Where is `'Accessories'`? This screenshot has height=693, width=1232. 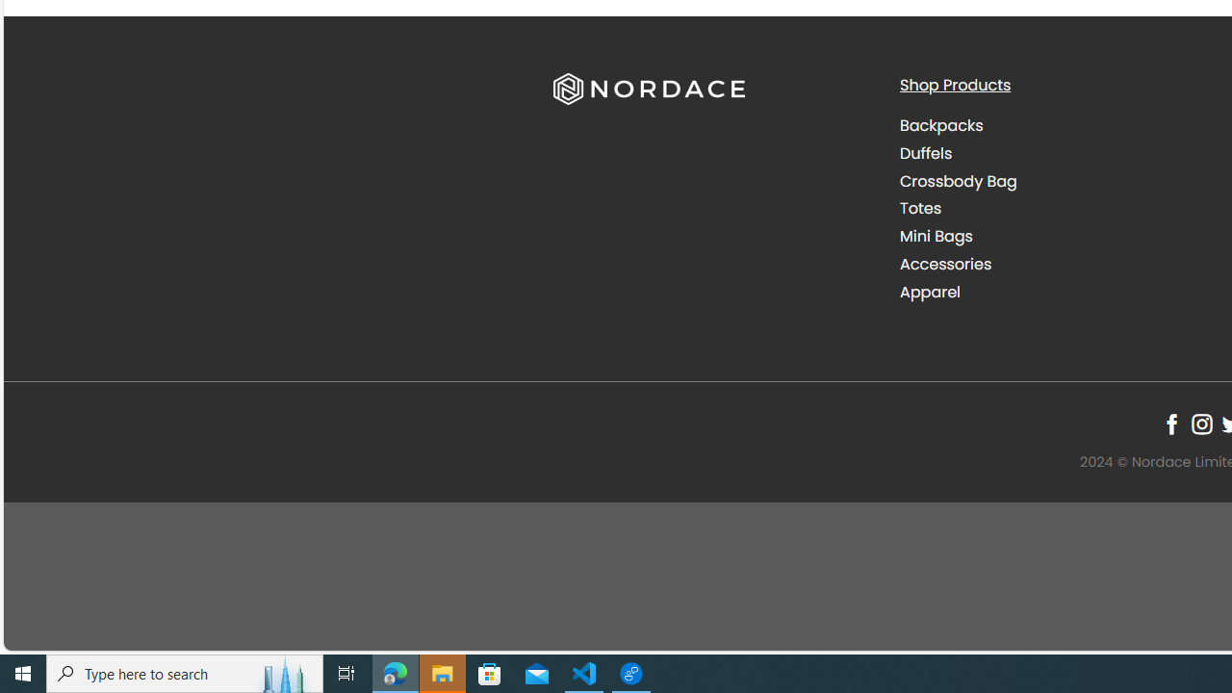
'Accessories' is located at coordinates (1057, 264).